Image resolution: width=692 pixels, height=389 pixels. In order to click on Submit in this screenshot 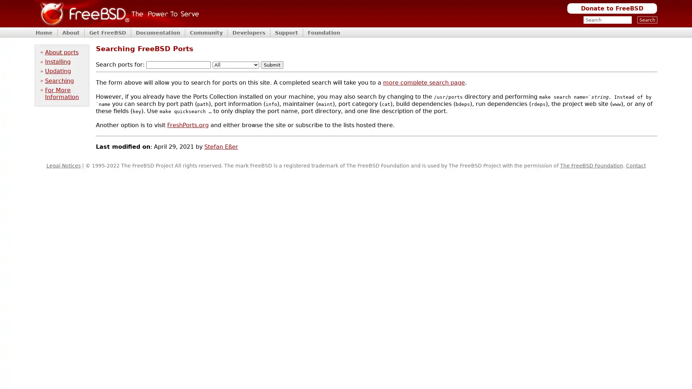, I will do `click(271, 65)`.